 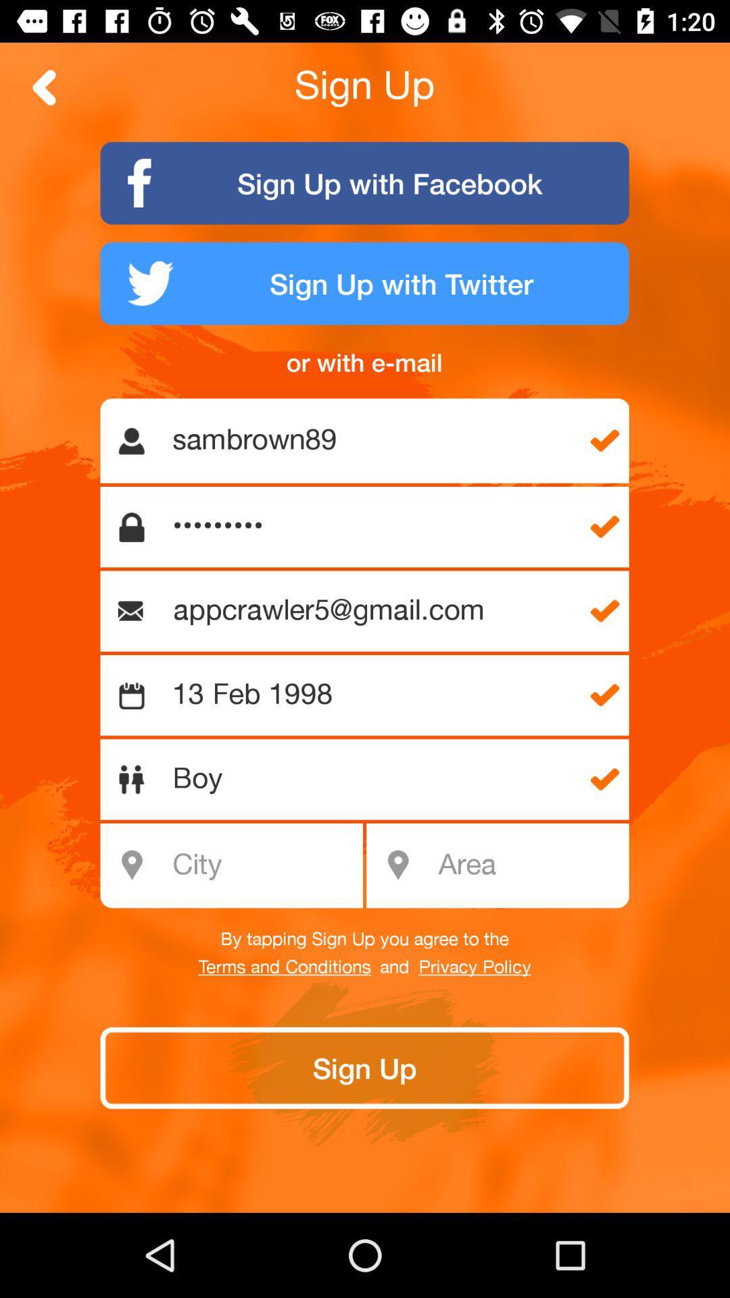 What do you see at coordinates (529, 865) in the screenshot?
I see `share your current location` at bounding box center [529, 865].